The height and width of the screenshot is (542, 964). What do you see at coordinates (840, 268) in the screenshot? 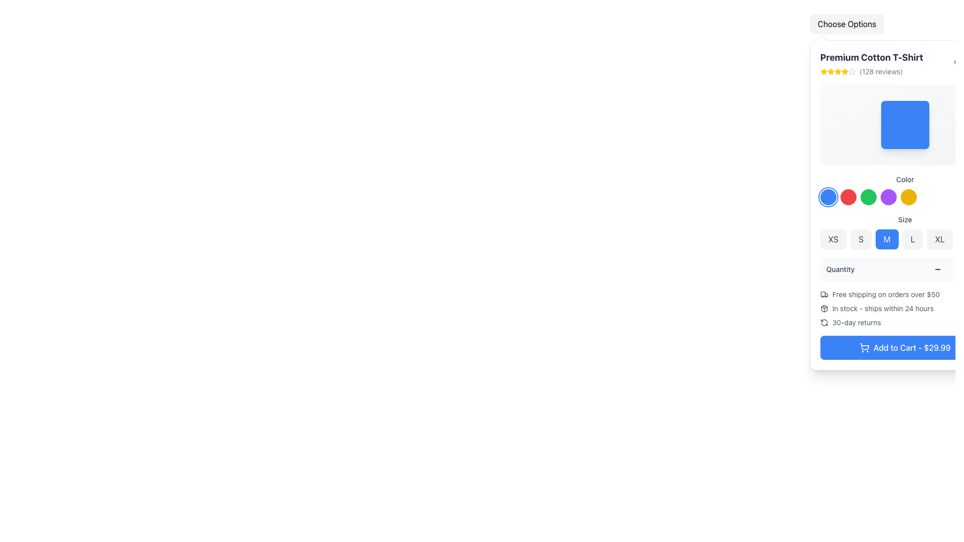
I see `the 'Quantity' label, which is a smaller gray text label located in the upper-left part of the quantity adjustment control area` at bounding box center [840, 268].